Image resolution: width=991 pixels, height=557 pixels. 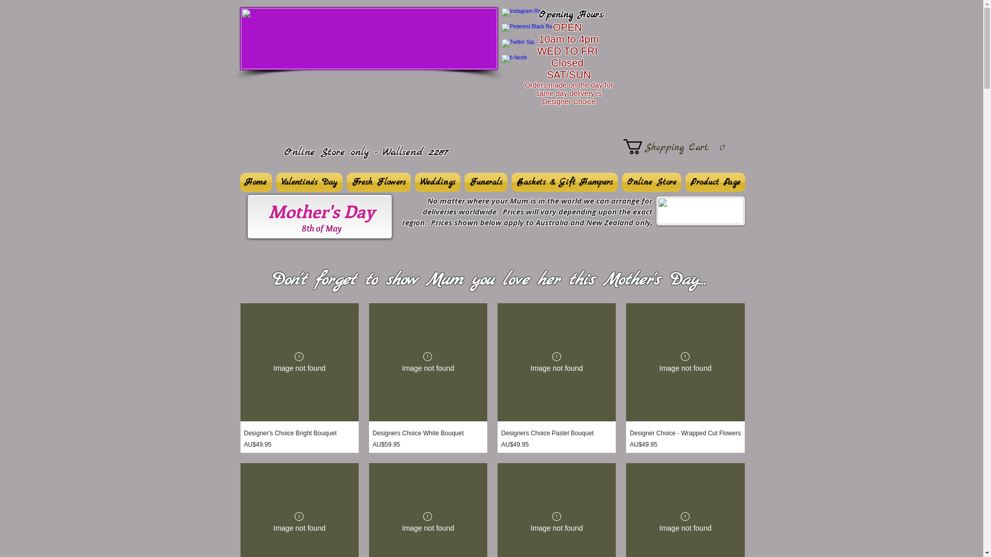 I want to click on 'Designers Choice White Bouquet, so click(x=428, y=362).